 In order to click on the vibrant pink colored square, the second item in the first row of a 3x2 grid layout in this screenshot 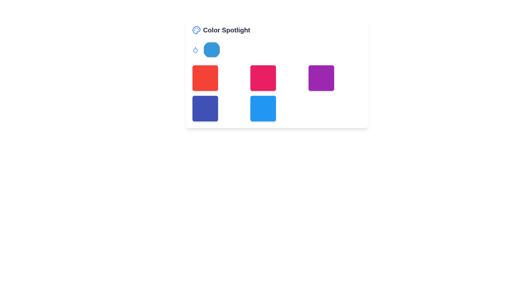, I will do `click(263, 78)`.